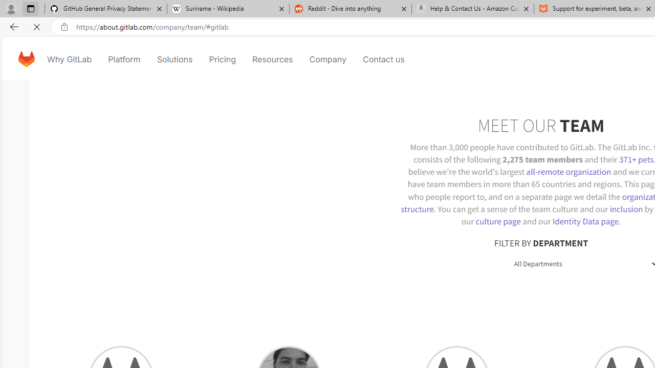  Describe the element at coordinates (174, 59) in the screenshot. I see `'Solutions'` at that location.